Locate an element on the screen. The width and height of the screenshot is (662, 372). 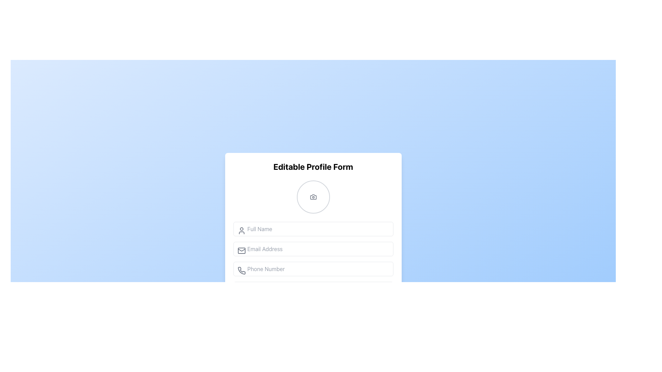
the Text Input field for the full name in the 'Editable Profile Form' section by tabbing to it is located at coordinates (313, 229).